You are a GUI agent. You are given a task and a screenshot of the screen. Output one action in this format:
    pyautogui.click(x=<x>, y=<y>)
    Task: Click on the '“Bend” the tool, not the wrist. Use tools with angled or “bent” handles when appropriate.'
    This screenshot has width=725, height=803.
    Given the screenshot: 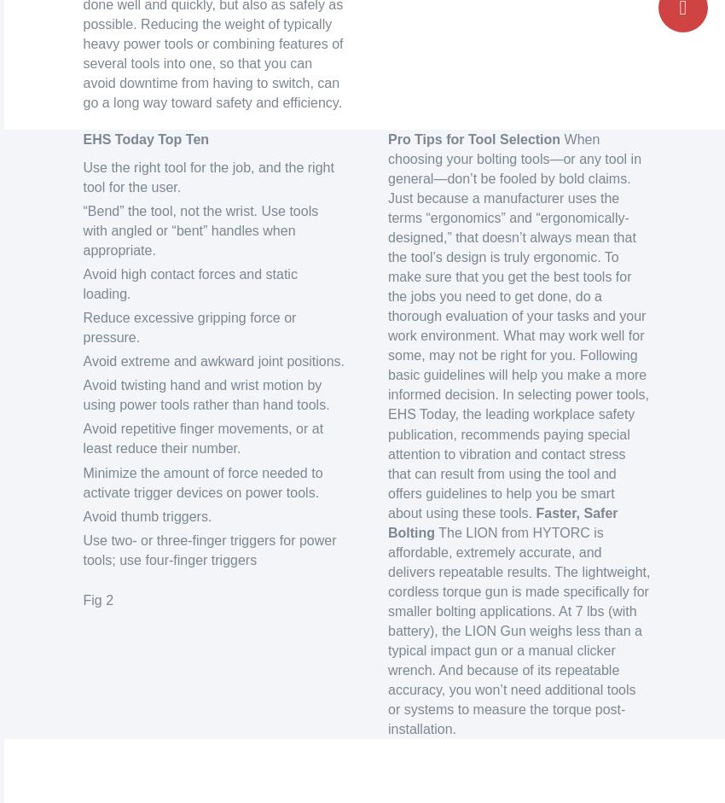 What is the action you would take?
    pyautogui.click(x=200, y=230)
    